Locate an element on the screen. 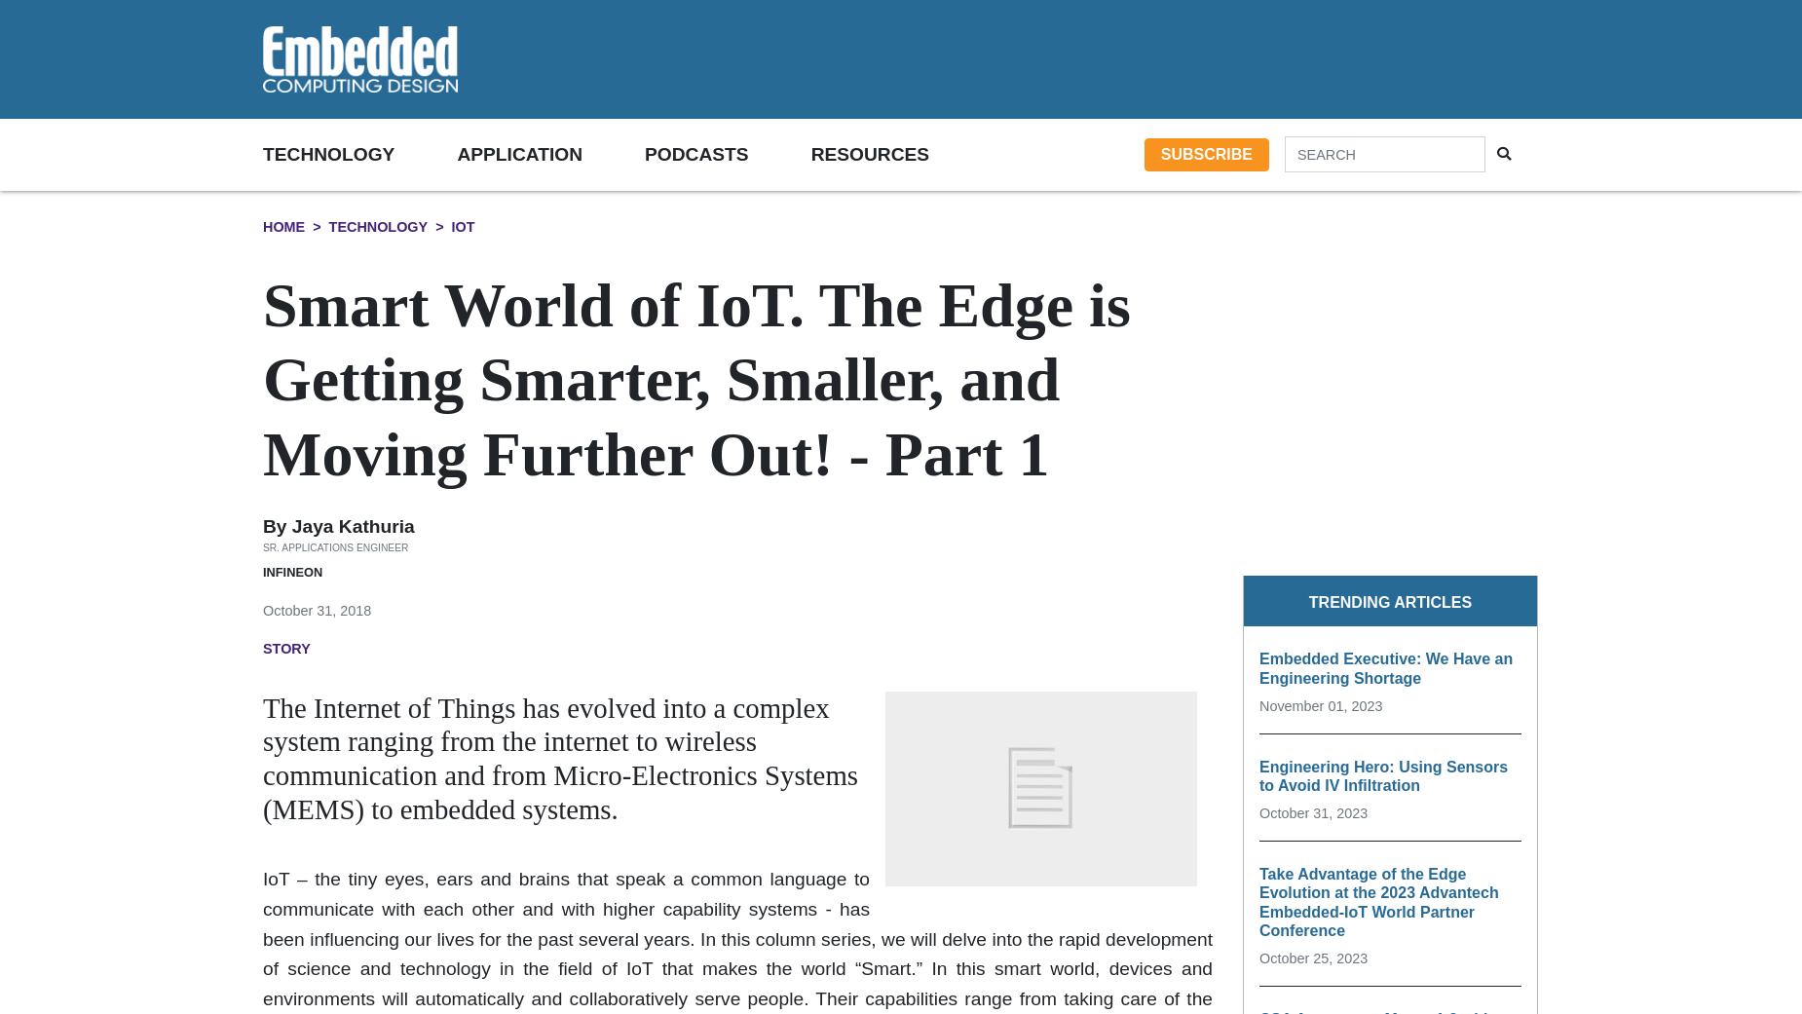 The height and width of the screenshot is (1014, 1802). 'Resources' is located at coordinates (809, 154).